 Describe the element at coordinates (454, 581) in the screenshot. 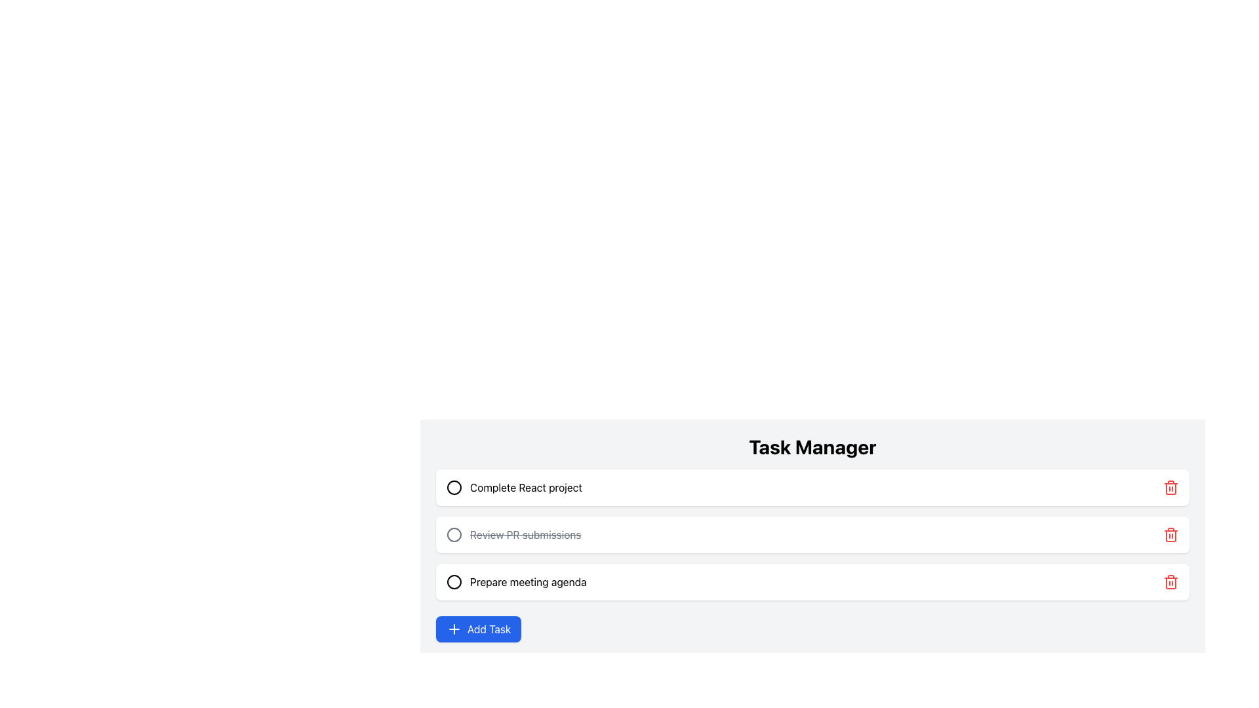

I see `the circular icon with a black outline and white background, which serves as a visual marker adjacent to the text 'Prepare meeting agenda'` at that location.